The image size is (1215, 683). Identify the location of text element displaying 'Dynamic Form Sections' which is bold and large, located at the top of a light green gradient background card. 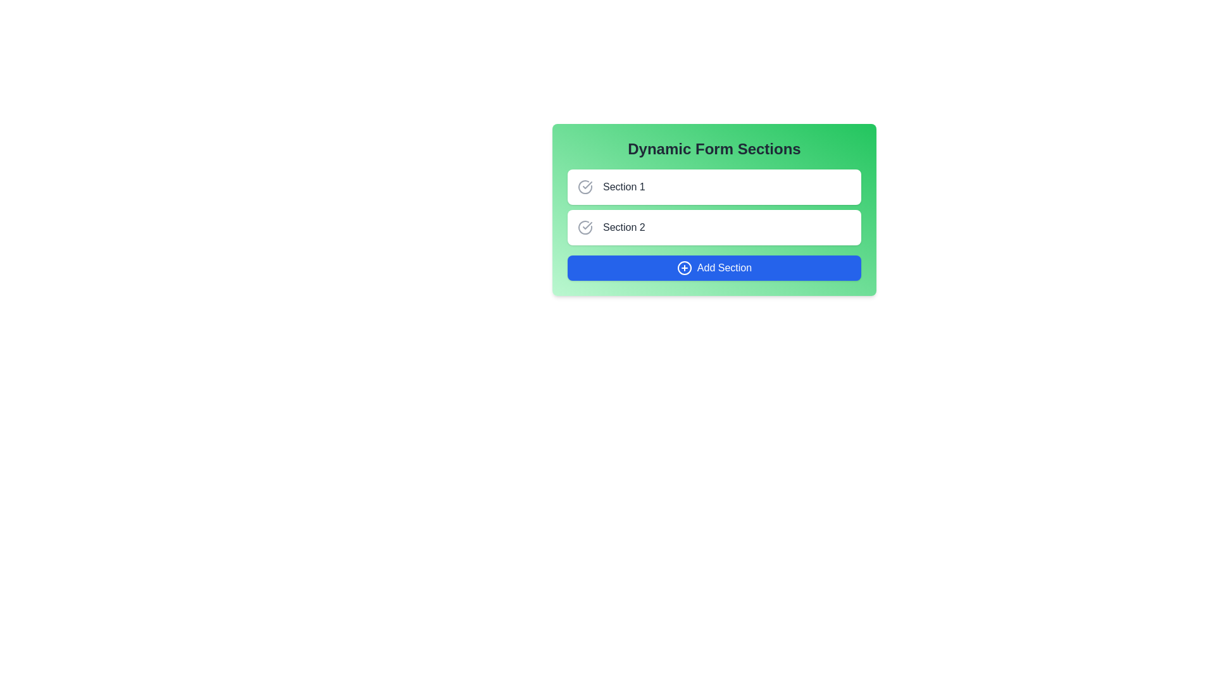
(714, 148).